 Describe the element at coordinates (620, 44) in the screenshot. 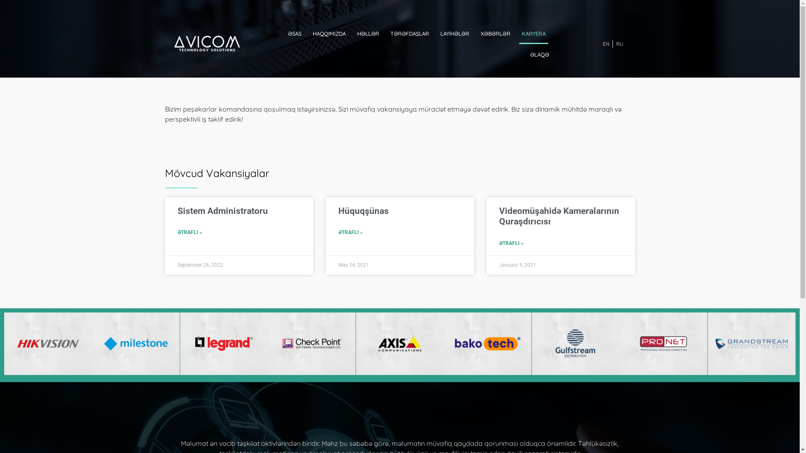

I see `'RU'` at that location.